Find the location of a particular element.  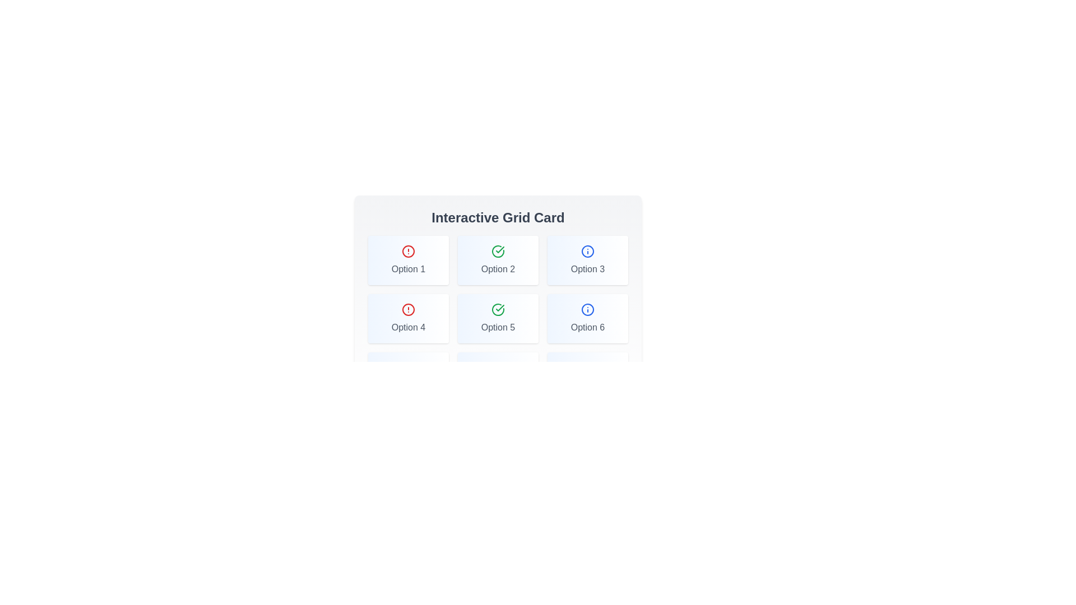

the 'Option 6' text label, which is styled with a gray font color and located in the lower-right corner of a grid layout is located at coordinates (587, 328).